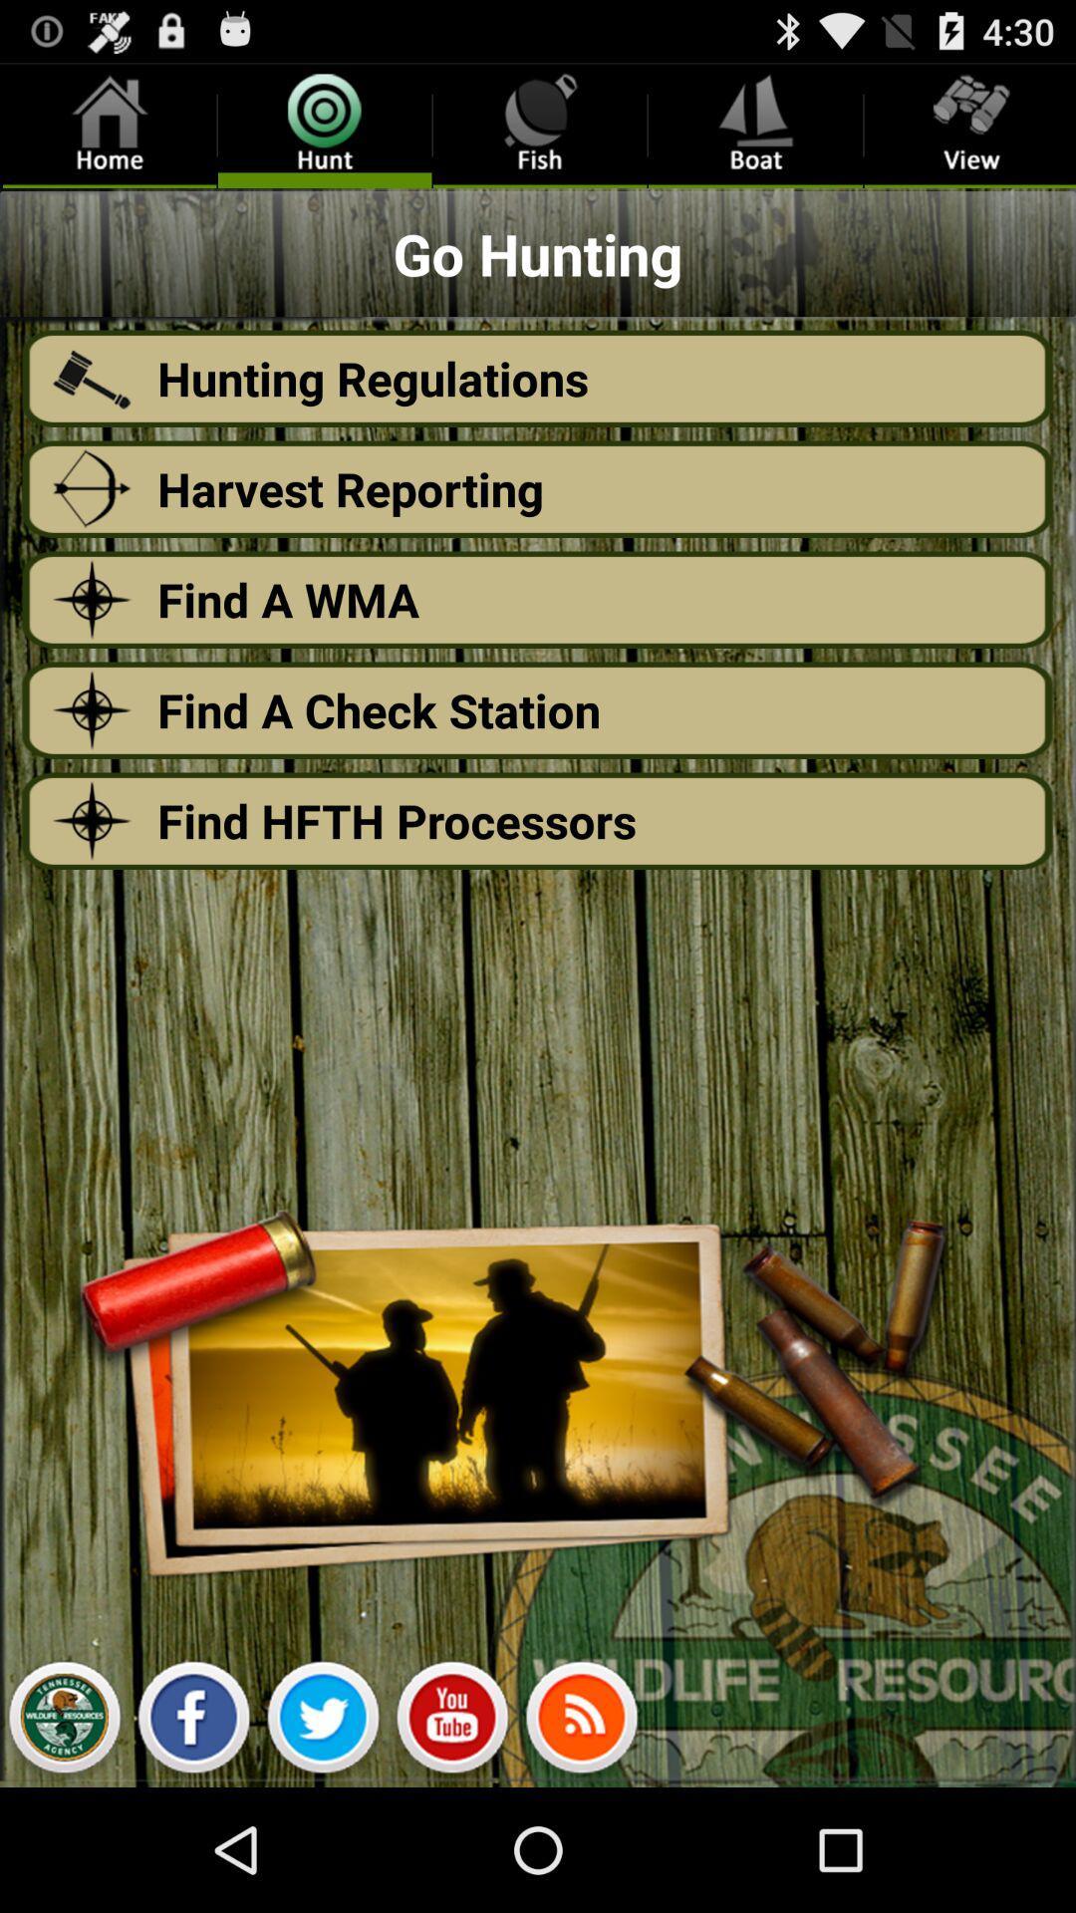 The width and height of the screenshot is (1076, 1913). I want to click on the settings icon, so click(63, 1842).